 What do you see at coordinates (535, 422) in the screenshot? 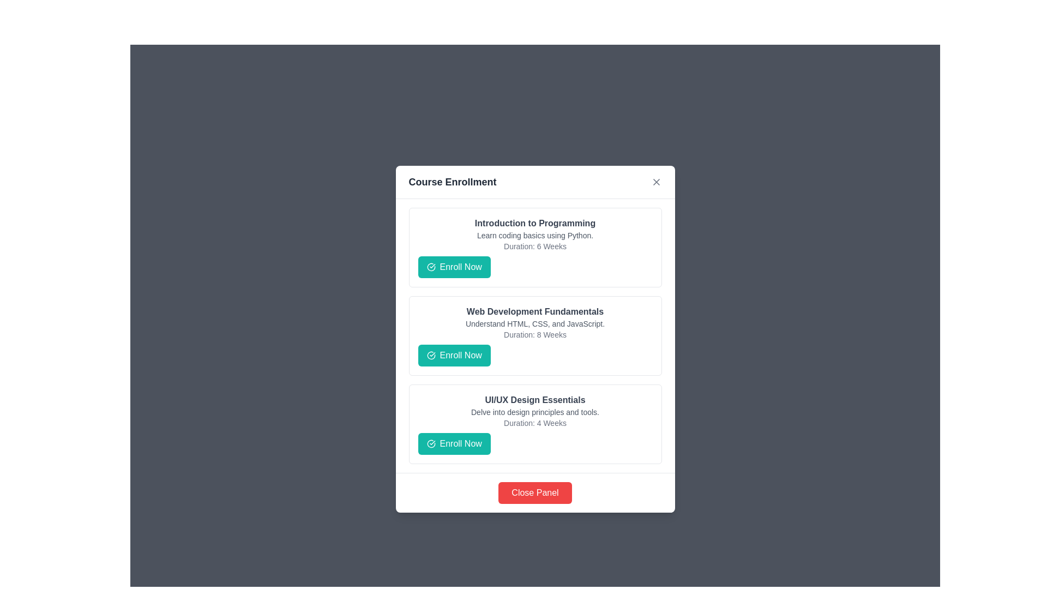
I see `the static text label indicating the duration of the course in the third course card, which is located above the 'Enroll Now' button` at bounding box center [535, 422].